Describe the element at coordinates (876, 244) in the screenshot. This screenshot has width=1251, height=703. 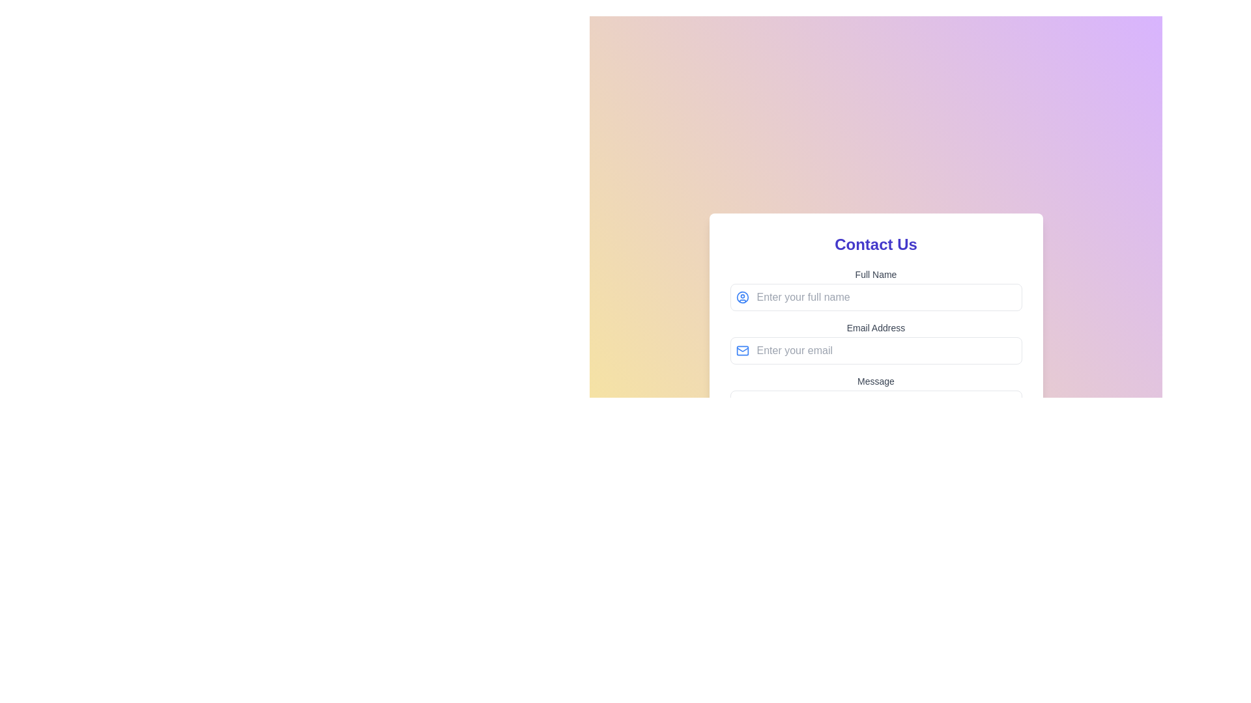
I see `the 'Contact Us' heading text, which is a large, bold, blue text centered at the top of the form interface above the input fields` at that location.